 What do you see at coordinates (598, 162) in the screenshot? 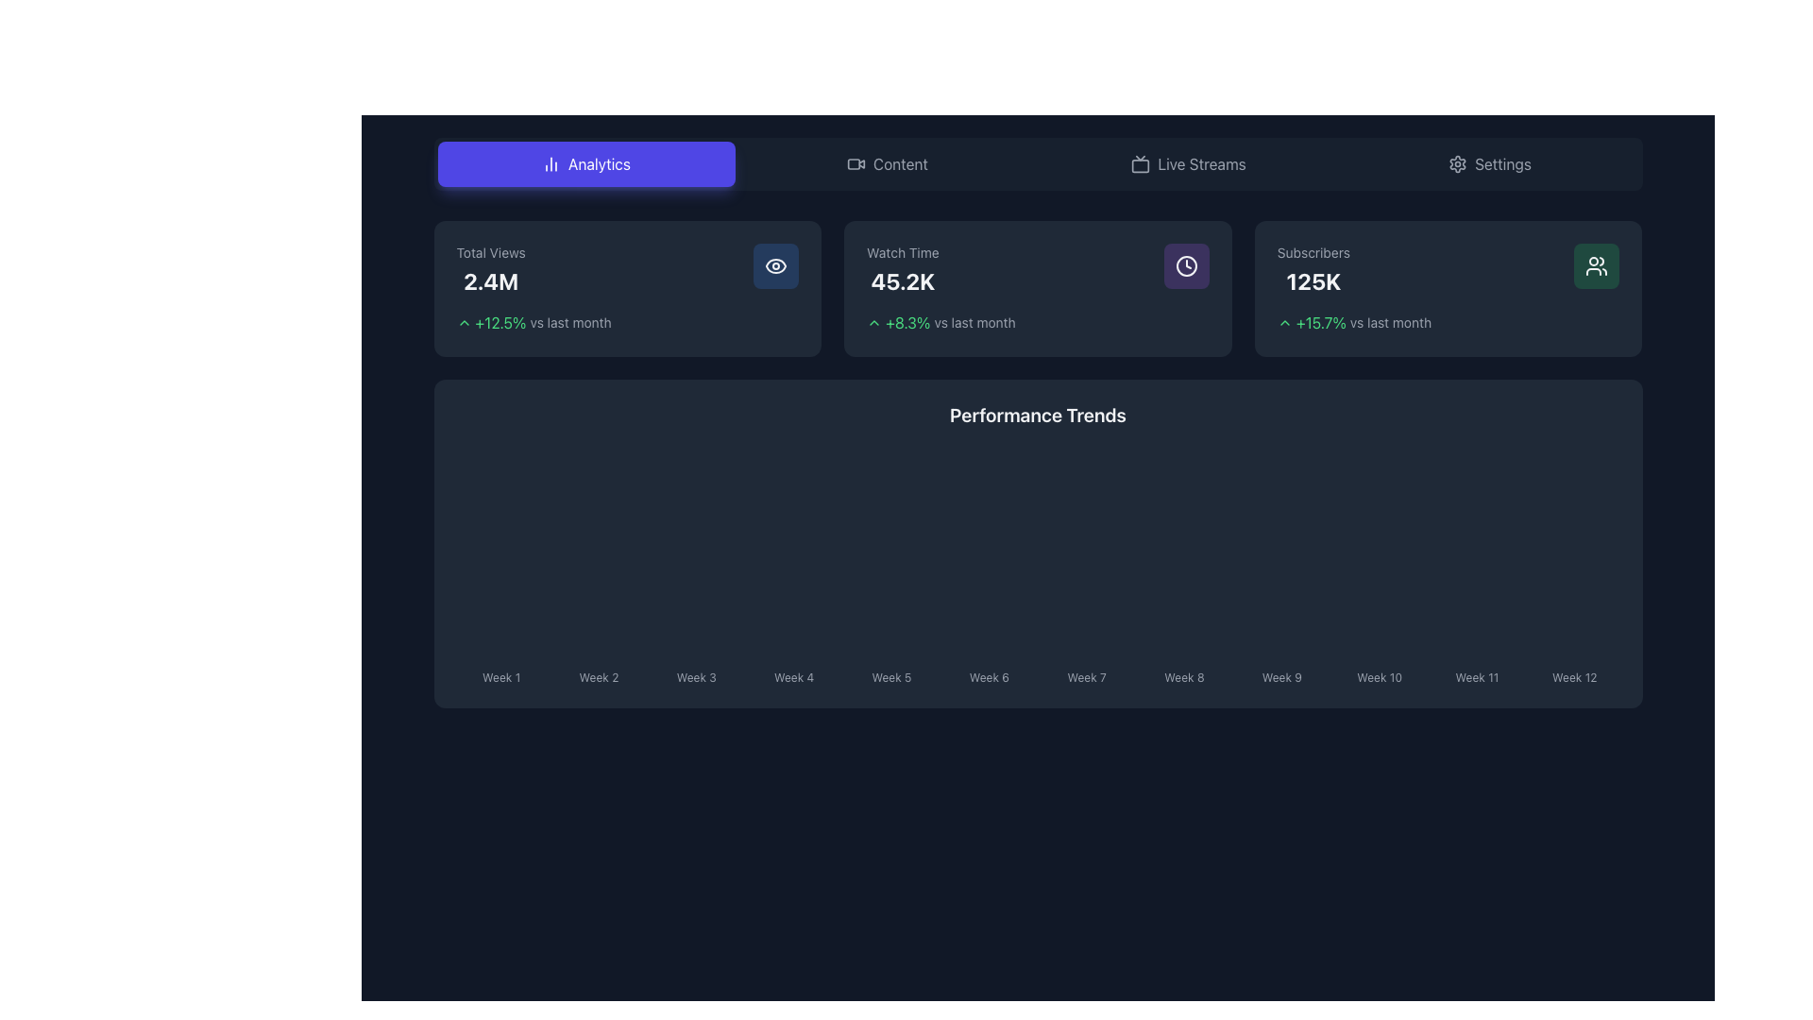
I see `the navigation button labeled 'Analytics'` at bounding box center [598, 162].